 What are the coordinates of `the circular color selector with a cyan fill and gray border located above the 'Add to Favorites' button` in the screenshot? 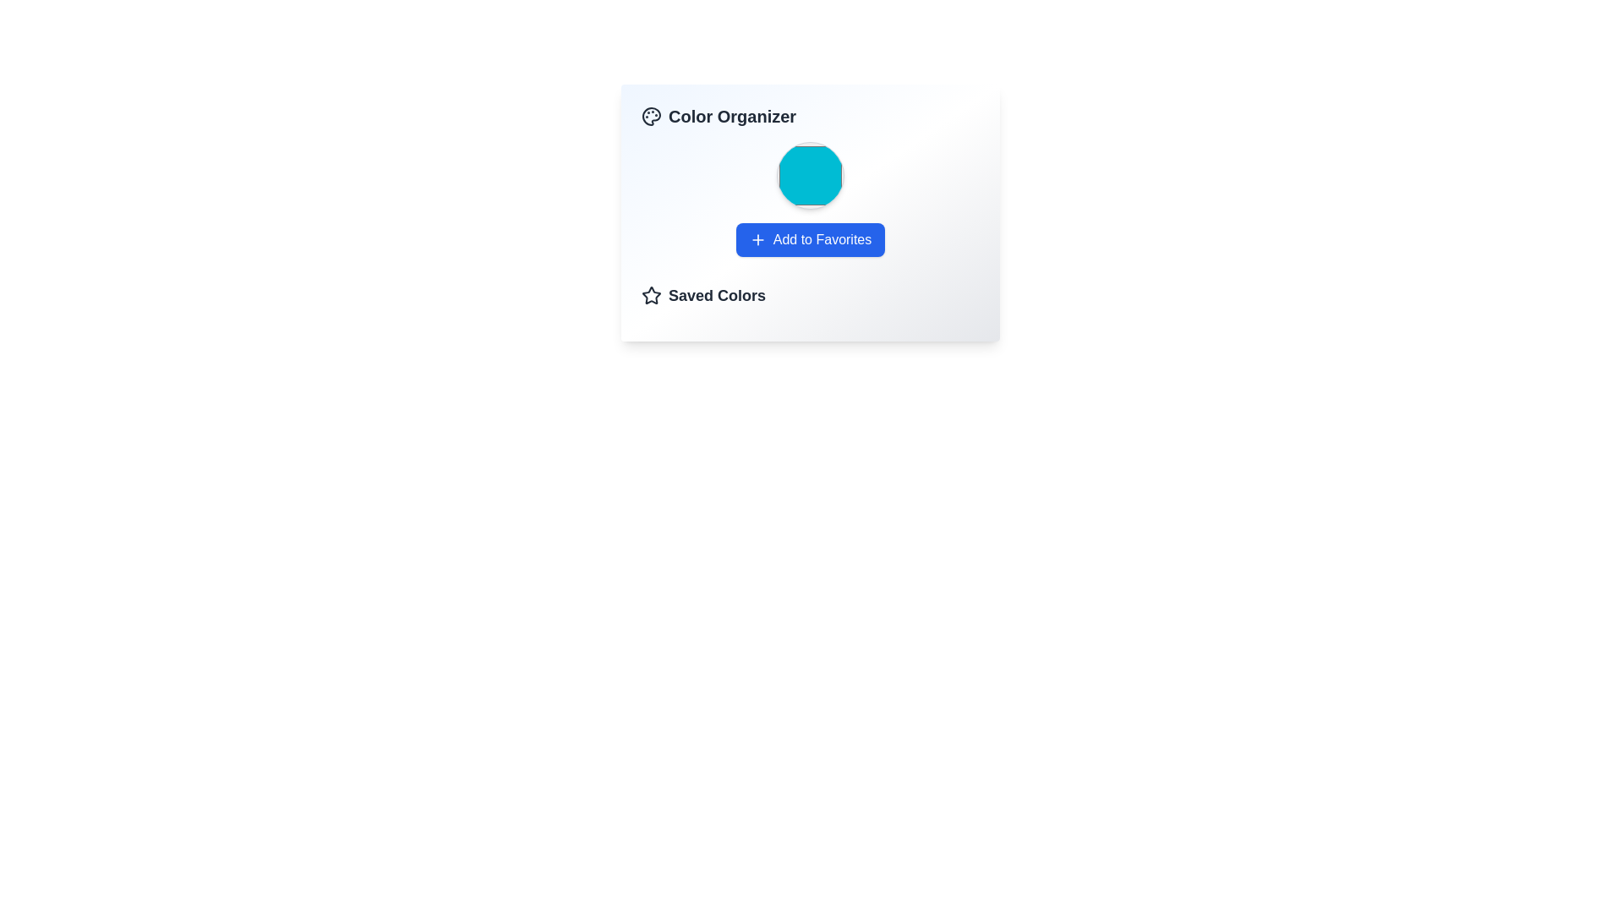 It's located at (810, 176).